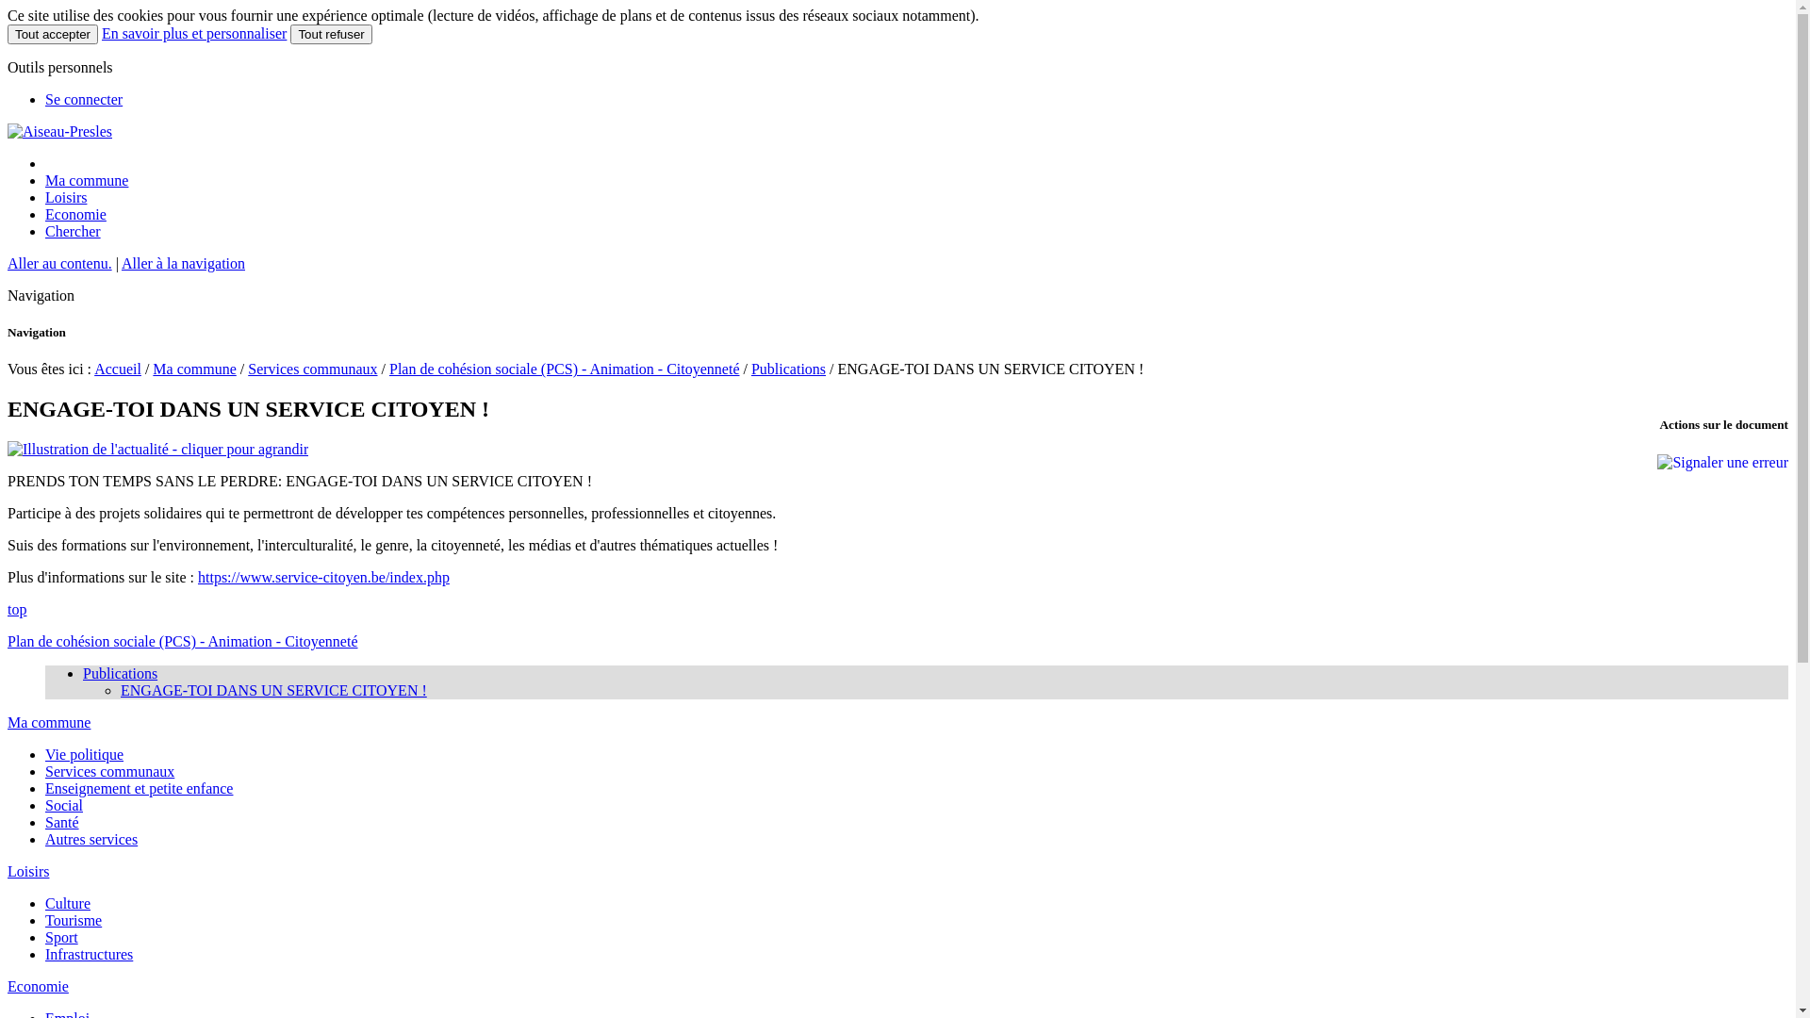 The width and height of the screenshot is (1810, 1018). What do you see at coordinates (61, 937) in the screenshot?
I see `'Sport'` at bounding box center [61, 937].